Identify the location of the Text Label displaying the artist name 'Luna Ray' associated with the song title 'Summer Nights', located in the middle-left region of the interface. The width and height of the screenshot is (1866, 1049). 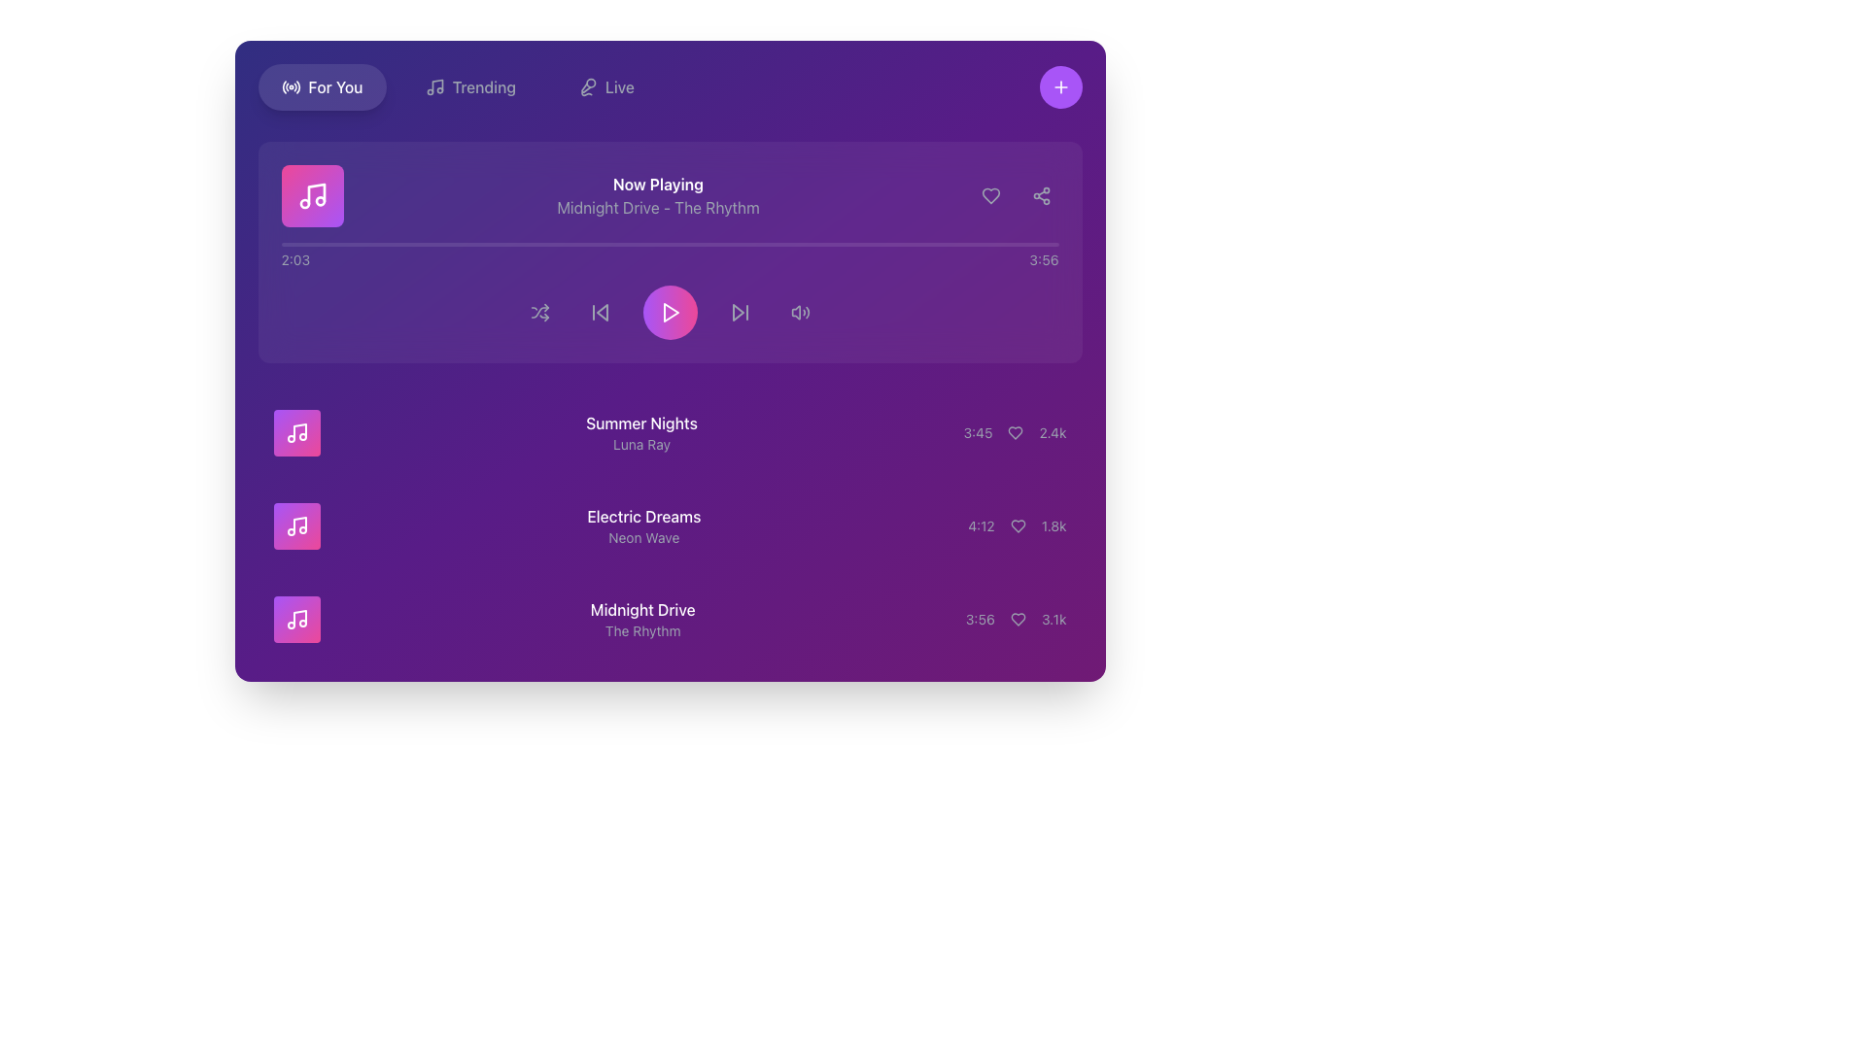
(641, 445).